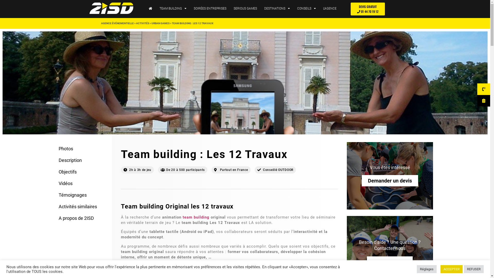 The width and height of the screenshot is (494, 278). What do you see at coordinates (367, 9) in the screenshot?
I see `'DEVIS GRATUIT` at bounding box center [367, 9].